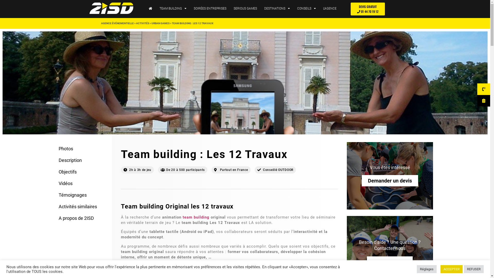 The width and height of the screenshot is (494, 278). What do you see at coordinates (367, 9) in the screenshot?
I see `'DEVIS GRATUIT` at bounding box center [367, 9].